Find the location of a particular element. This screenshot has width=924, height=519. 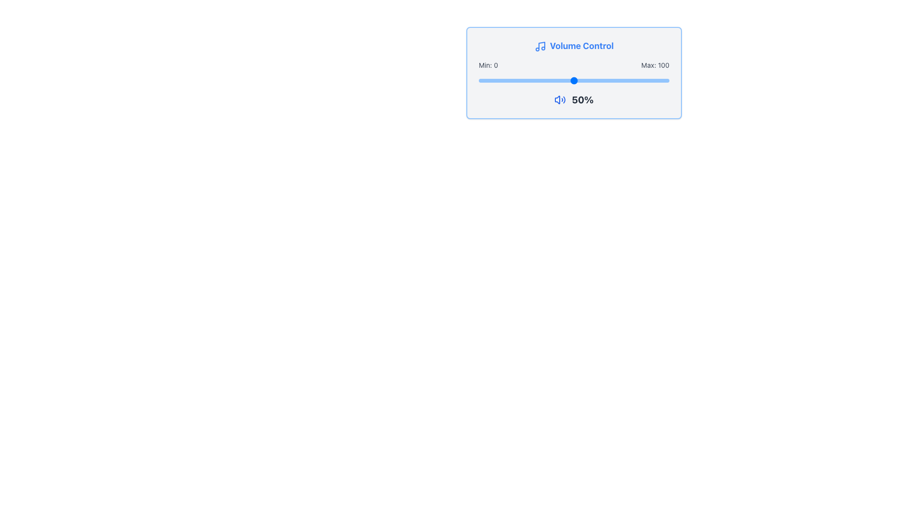

the slider is located at coordinates (620, 80).